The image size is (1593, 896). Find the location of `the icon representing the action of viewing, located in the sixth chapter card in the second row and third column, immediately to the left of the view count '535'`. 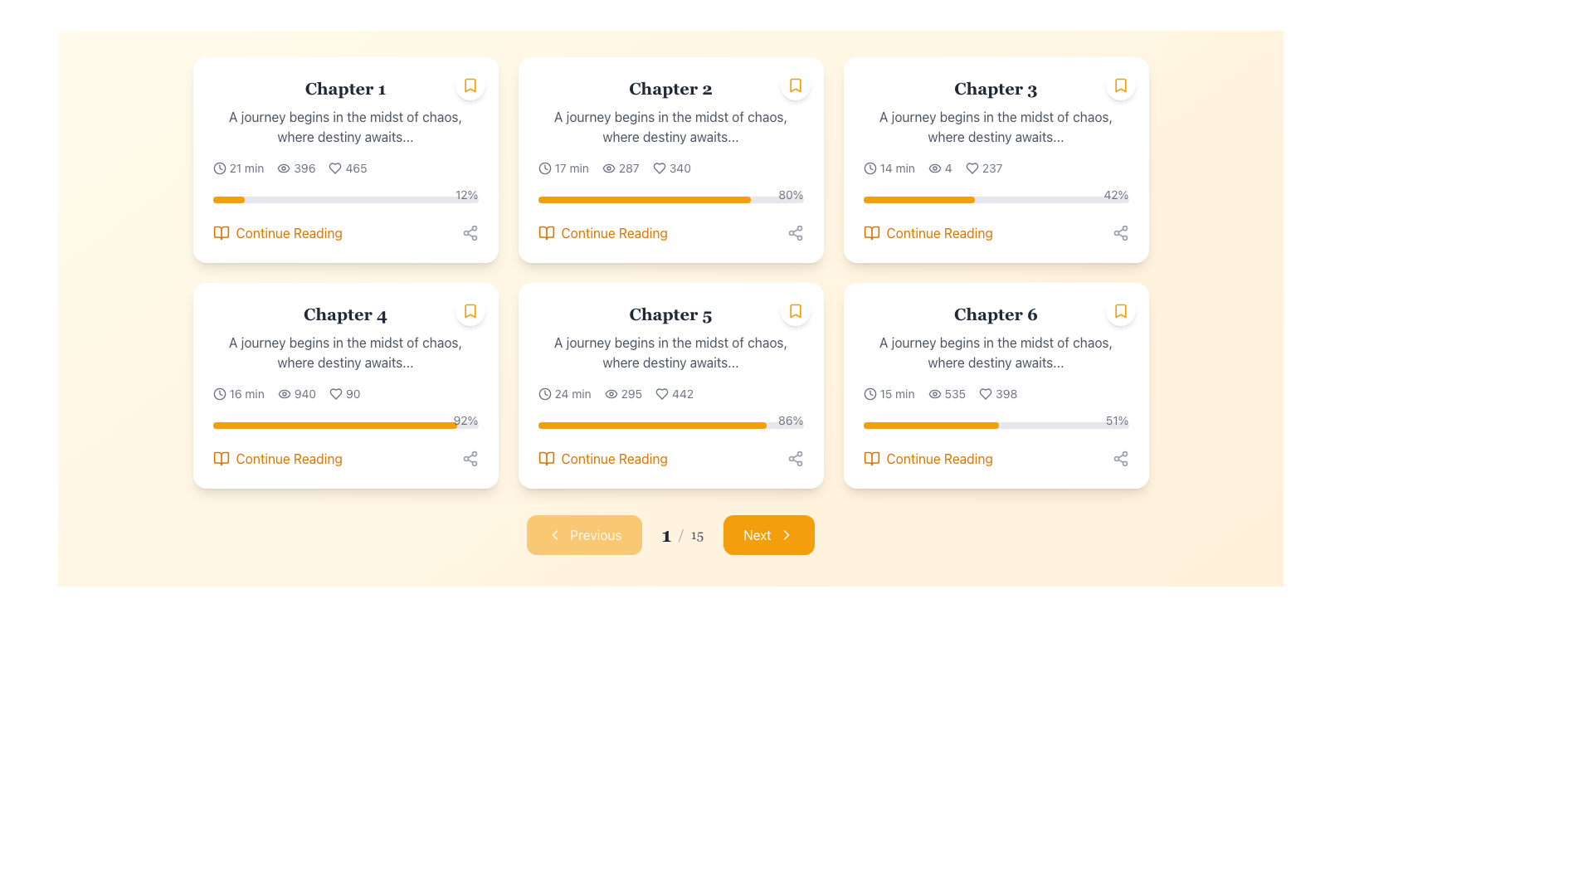

the icon representing the action of viewing, located in the sixth chapter card in the second row and third column, immediately to the left of the view count '535' is located at coordinates (934, 393).